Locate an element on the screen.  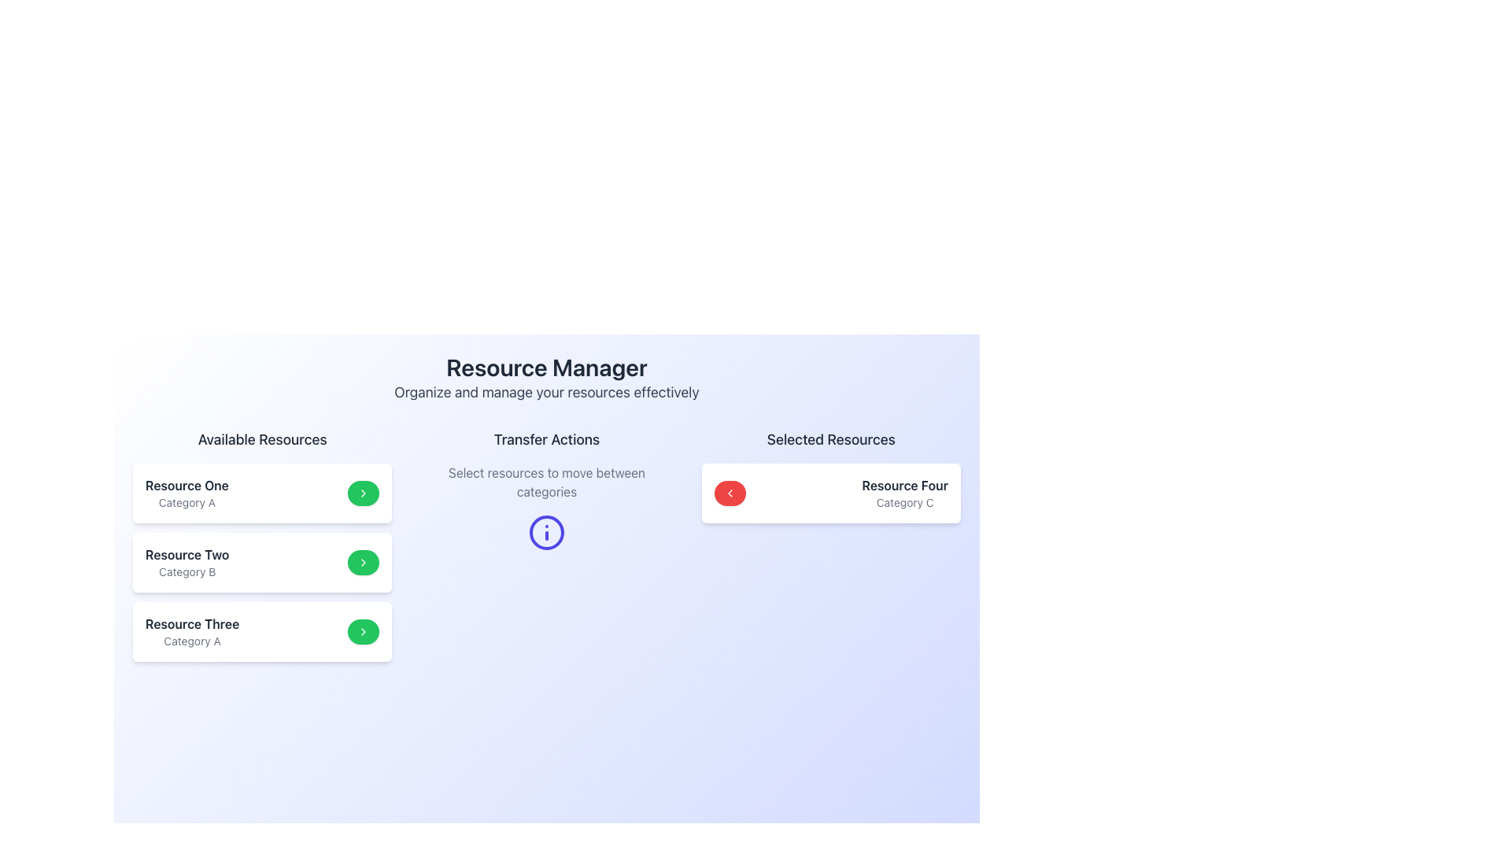
the textual display component that shows 'Resource Two' in bold, located under 'Available Resources' and part of a rounded white card is located at coordinates (187, 561).